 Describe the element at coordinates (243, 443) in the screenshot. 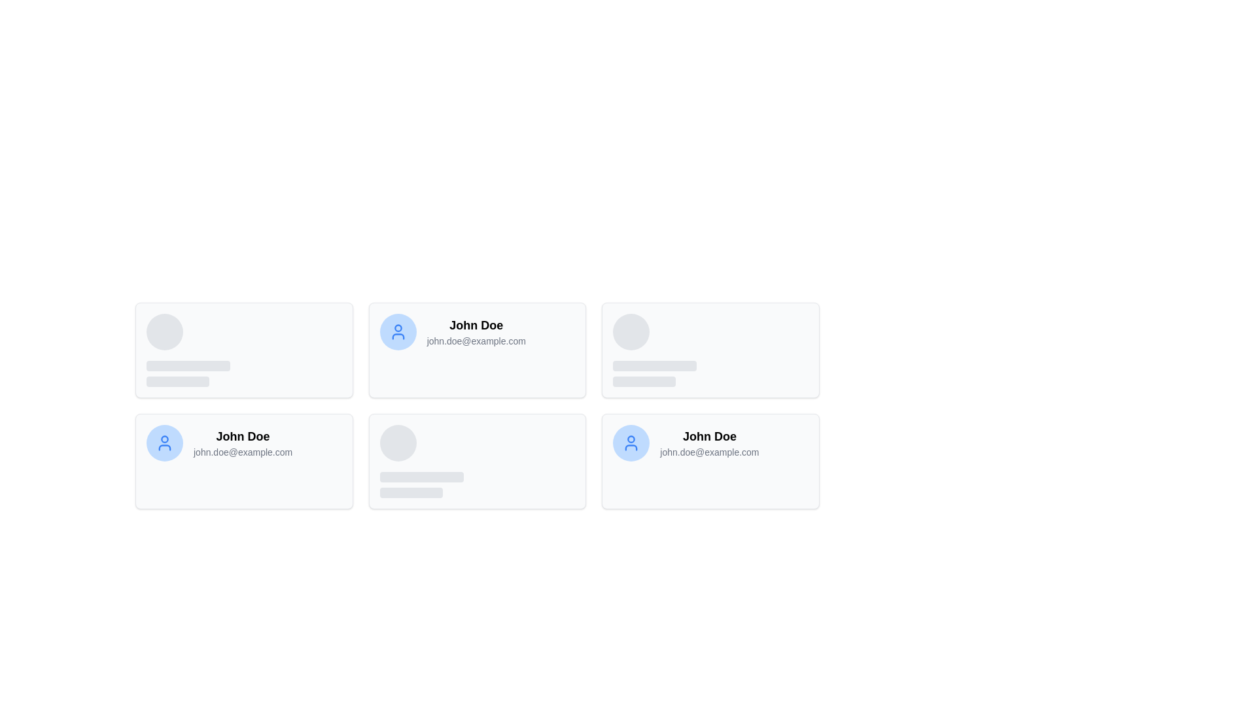

I see `the text block displaying 'John Doe' and 'john.doe@example.com'` at that location.